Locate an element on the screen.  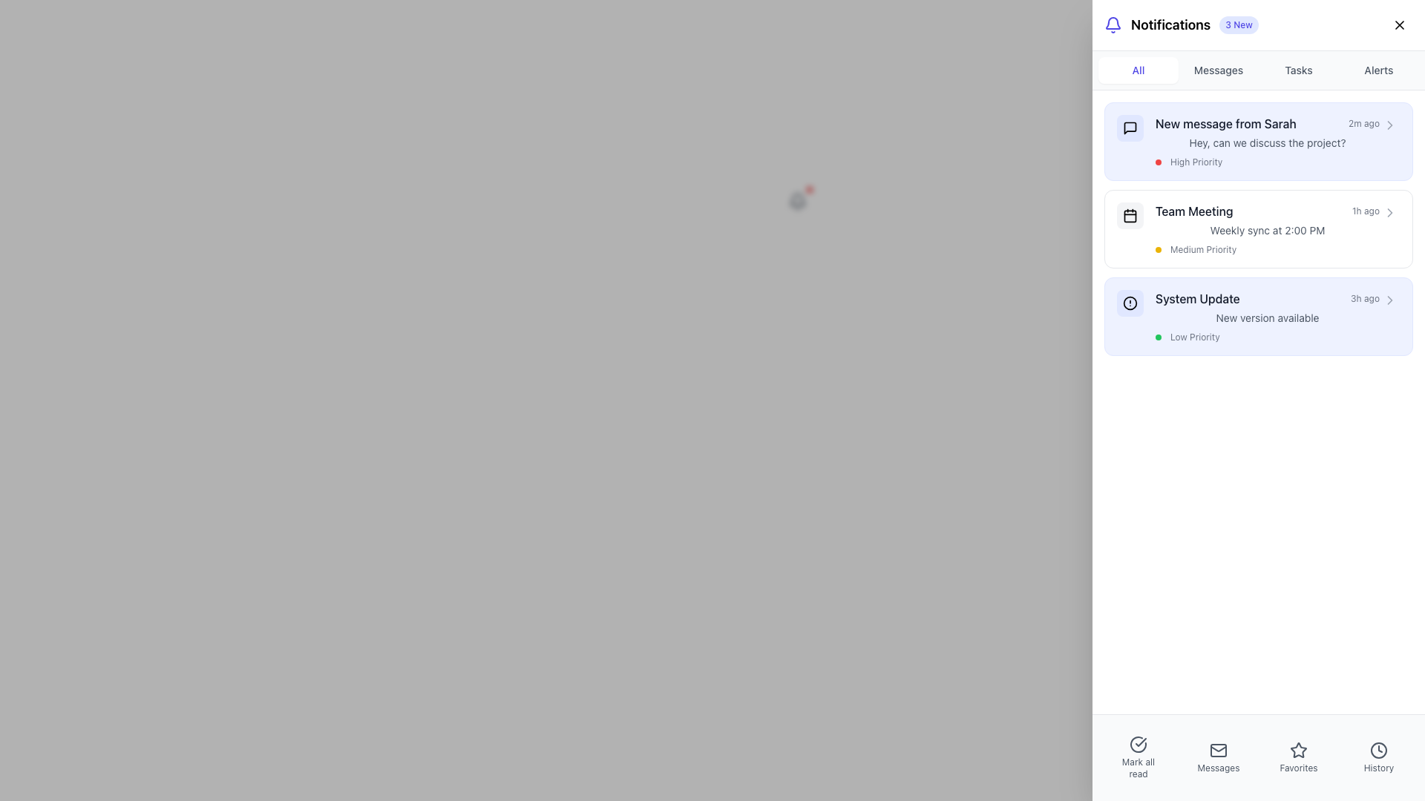
the 'High Priority' text label that follows the red circular icon in the priority details section of the 'New message from Sarah' notification card is located at coordinates (1196, 162).